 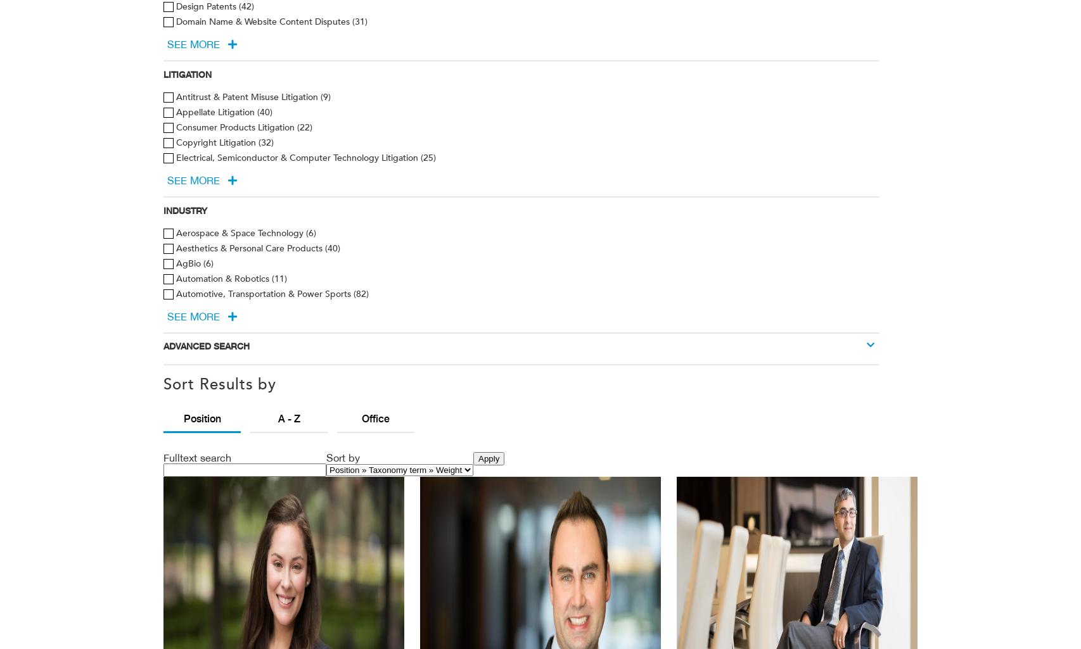 I want to click on '(32)', so click(x=266, y=142).